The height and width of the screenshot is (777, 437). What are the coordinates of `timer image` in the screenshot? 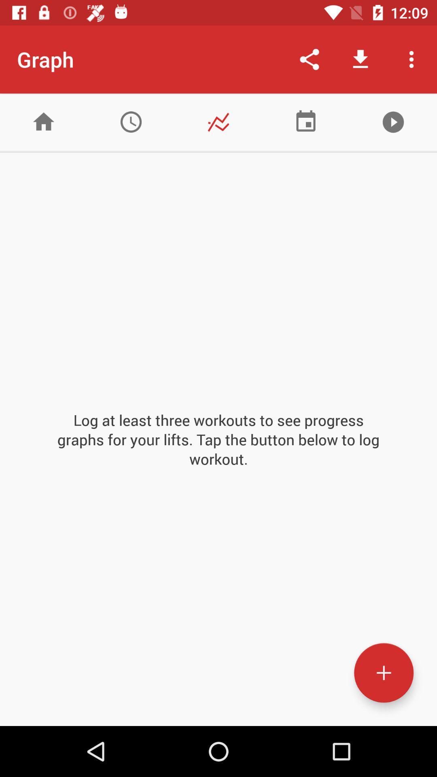 It's located at (131, 121).